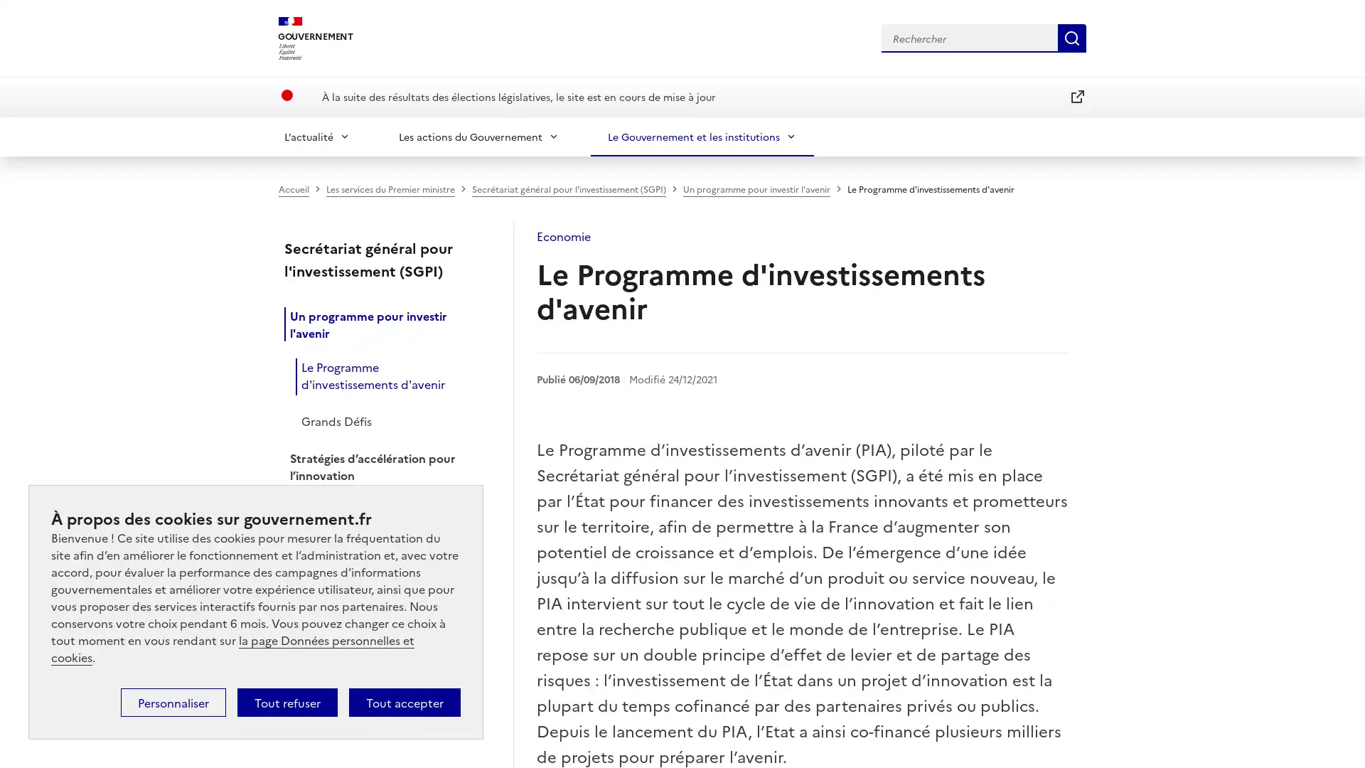 This screenshot has height=768, width=1365. Describe the element at coordinates (404, 701) in the screenshot. I see `Tout accepter` at that location.